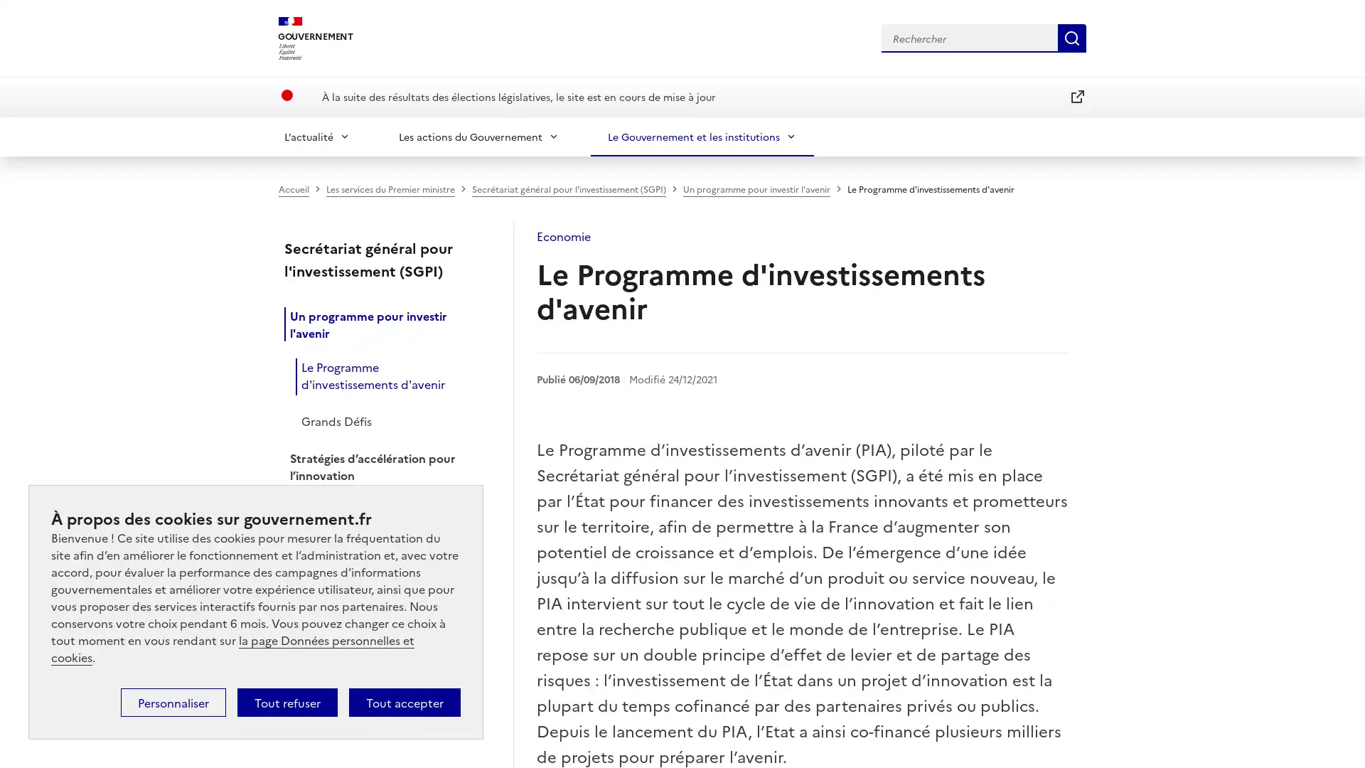 This screenshot has height=768, width=1365. Describe the element at coordinates (404, 701) in the screenshot. I see `Tout accepter` at that location.